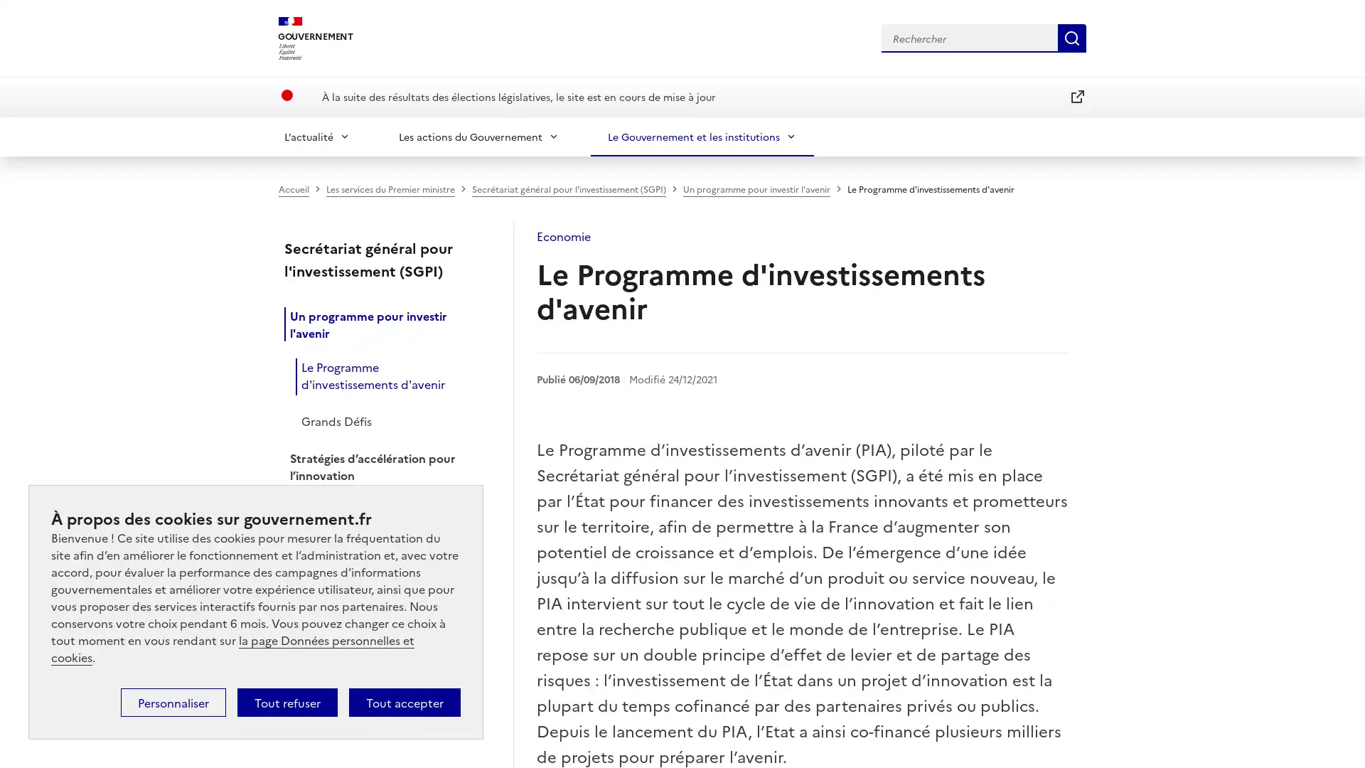 This screenshot has height=768, width=1365. Describe the element at coordinates (404, 701) in the screenshot. I see `Tout accepter` at that location.